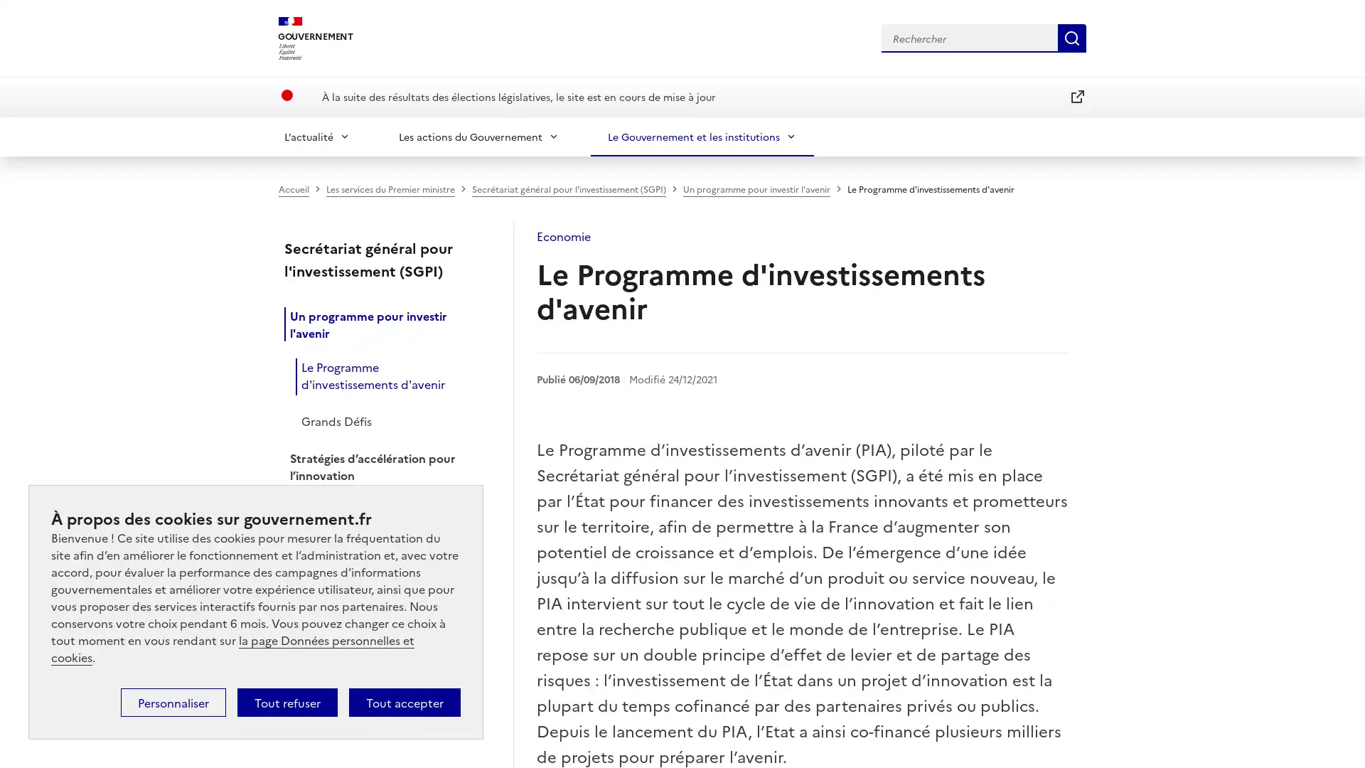 This screenshot has height=768, width=1365. Describe the element at coordinates (404, 701) in the screenshot. I see `Tout accepter` at that location.